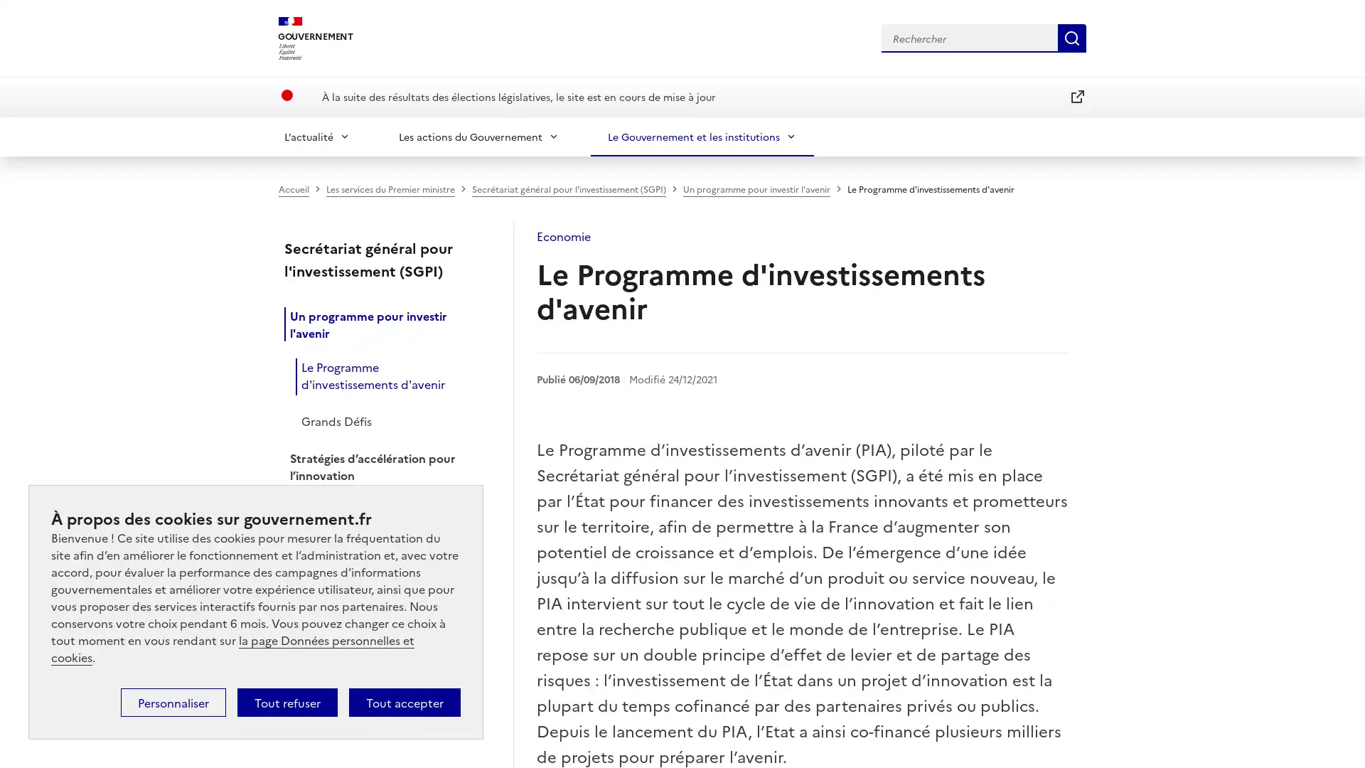 This screenshot has height=768, width=1365. Describe the element at coordinates (404, 701) in the screenshot. I see `Tout accepter` at that location.